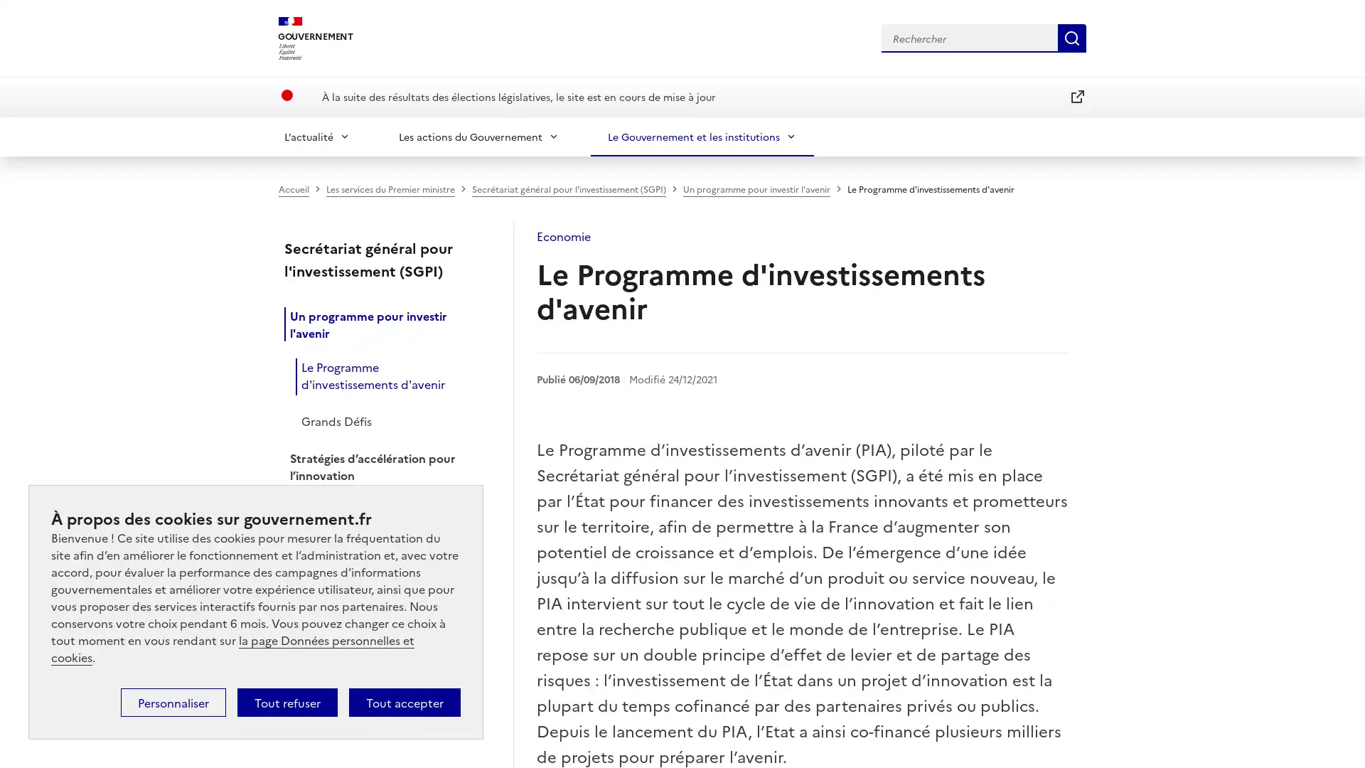 This screenshot has height=768, width=1365. Describe the element at coordinates (404, 701) in the screenshot. I see `Tout accepter` at that location.